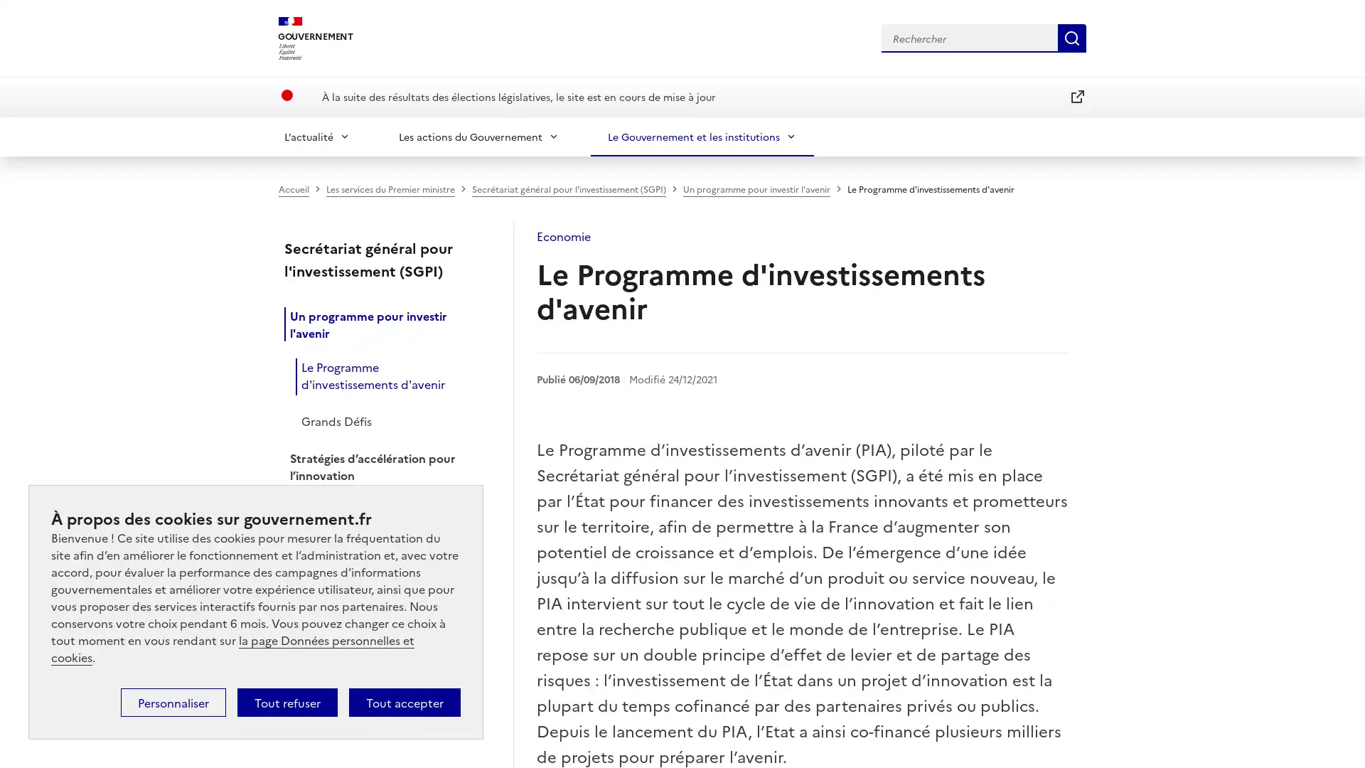 This screenshot has height=768, width=1365. Describe the element at coordinates (404, 701) in the screenshot. I see `Tout accepter` at that location.